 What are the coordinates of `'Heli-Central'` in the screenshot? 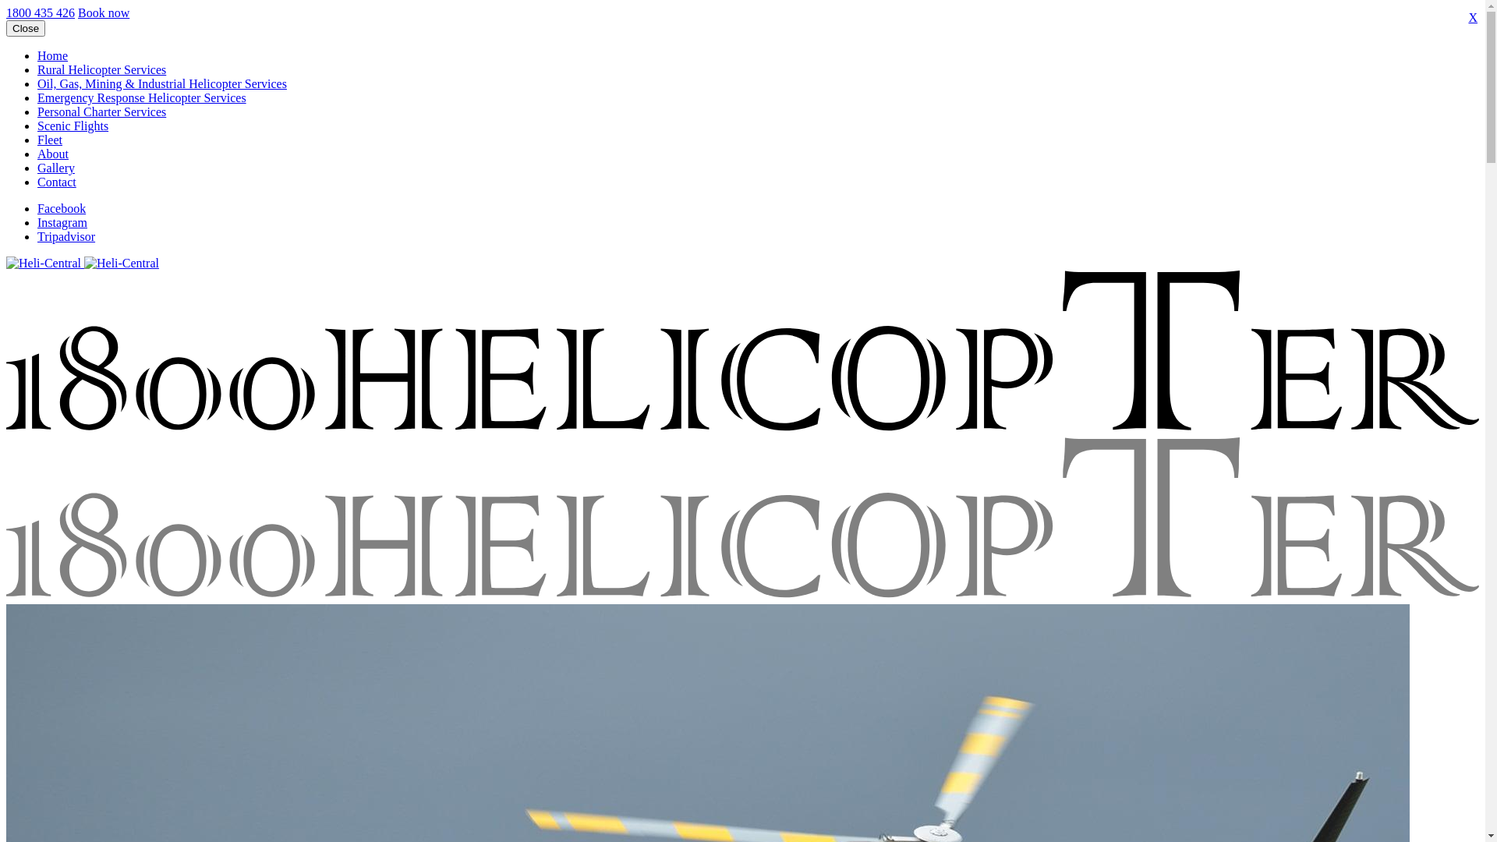 It's located at (6, 263).